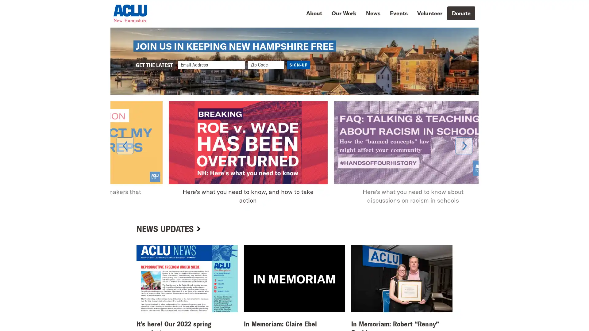  What do you see at coordinates (125, 169) in the screenshot?
I see `SHOW PREVIOUS STORIES` at bounding box center [125, 169].